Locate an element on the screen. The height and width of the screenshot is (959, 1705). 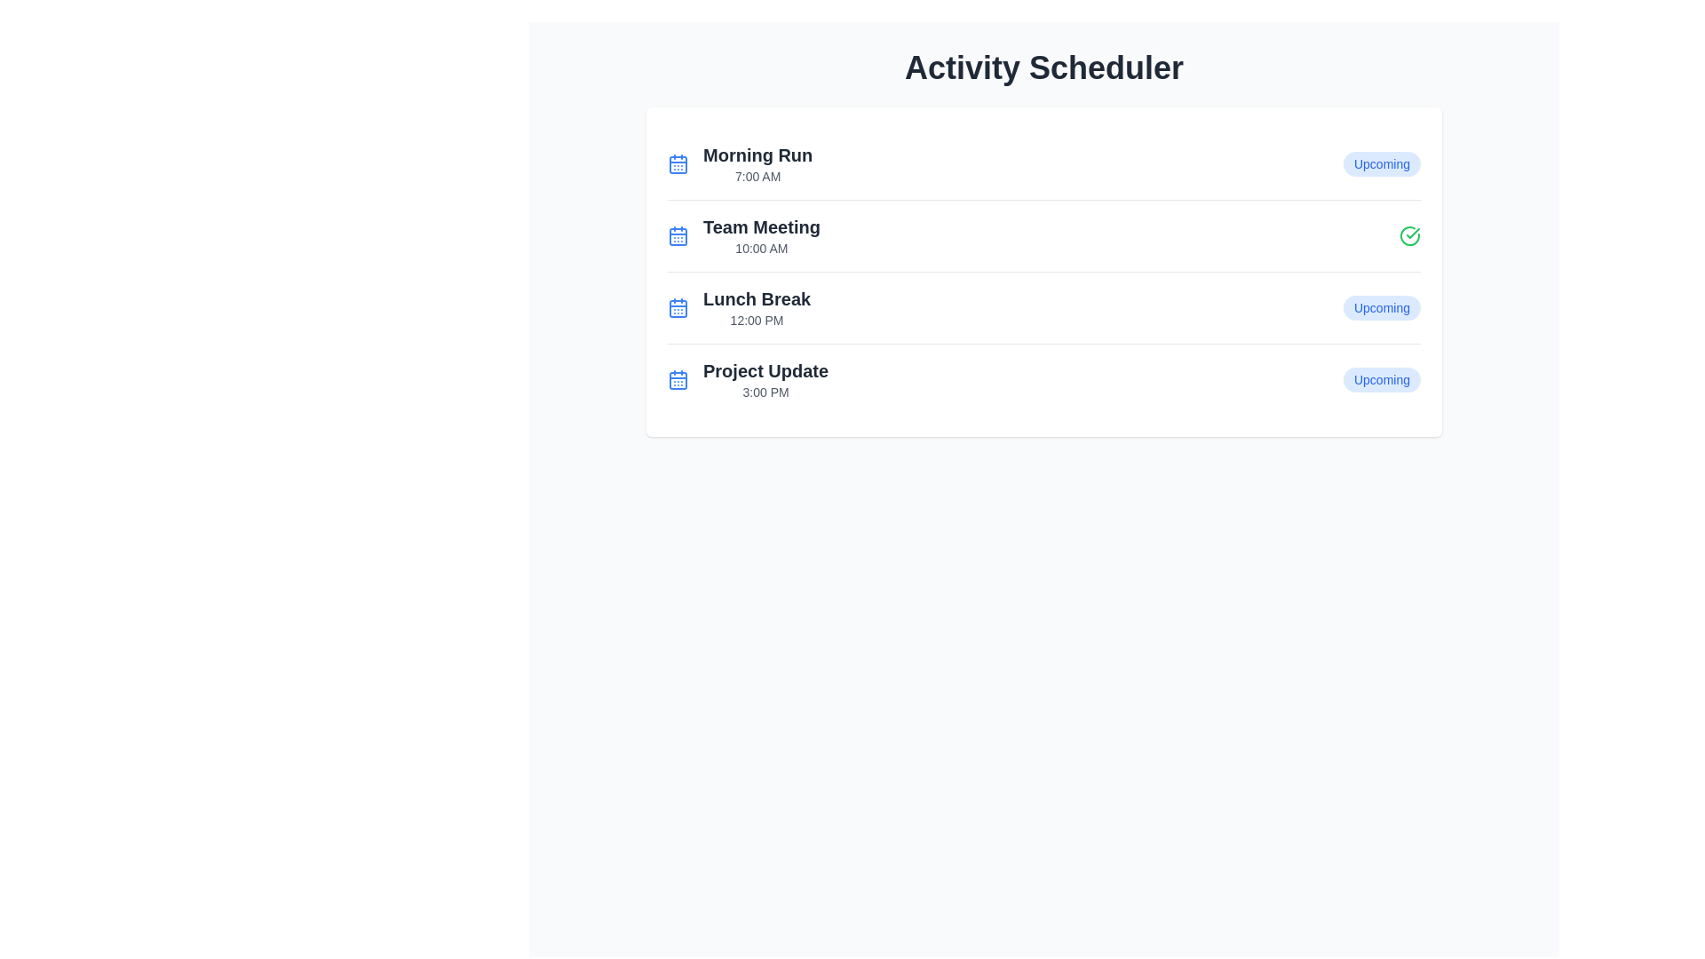
the label displaying 'Upcoming' in blue text on a light blue background, located at the top-right of the 'Morning Run' event list is located at coordinates (1381, 164).